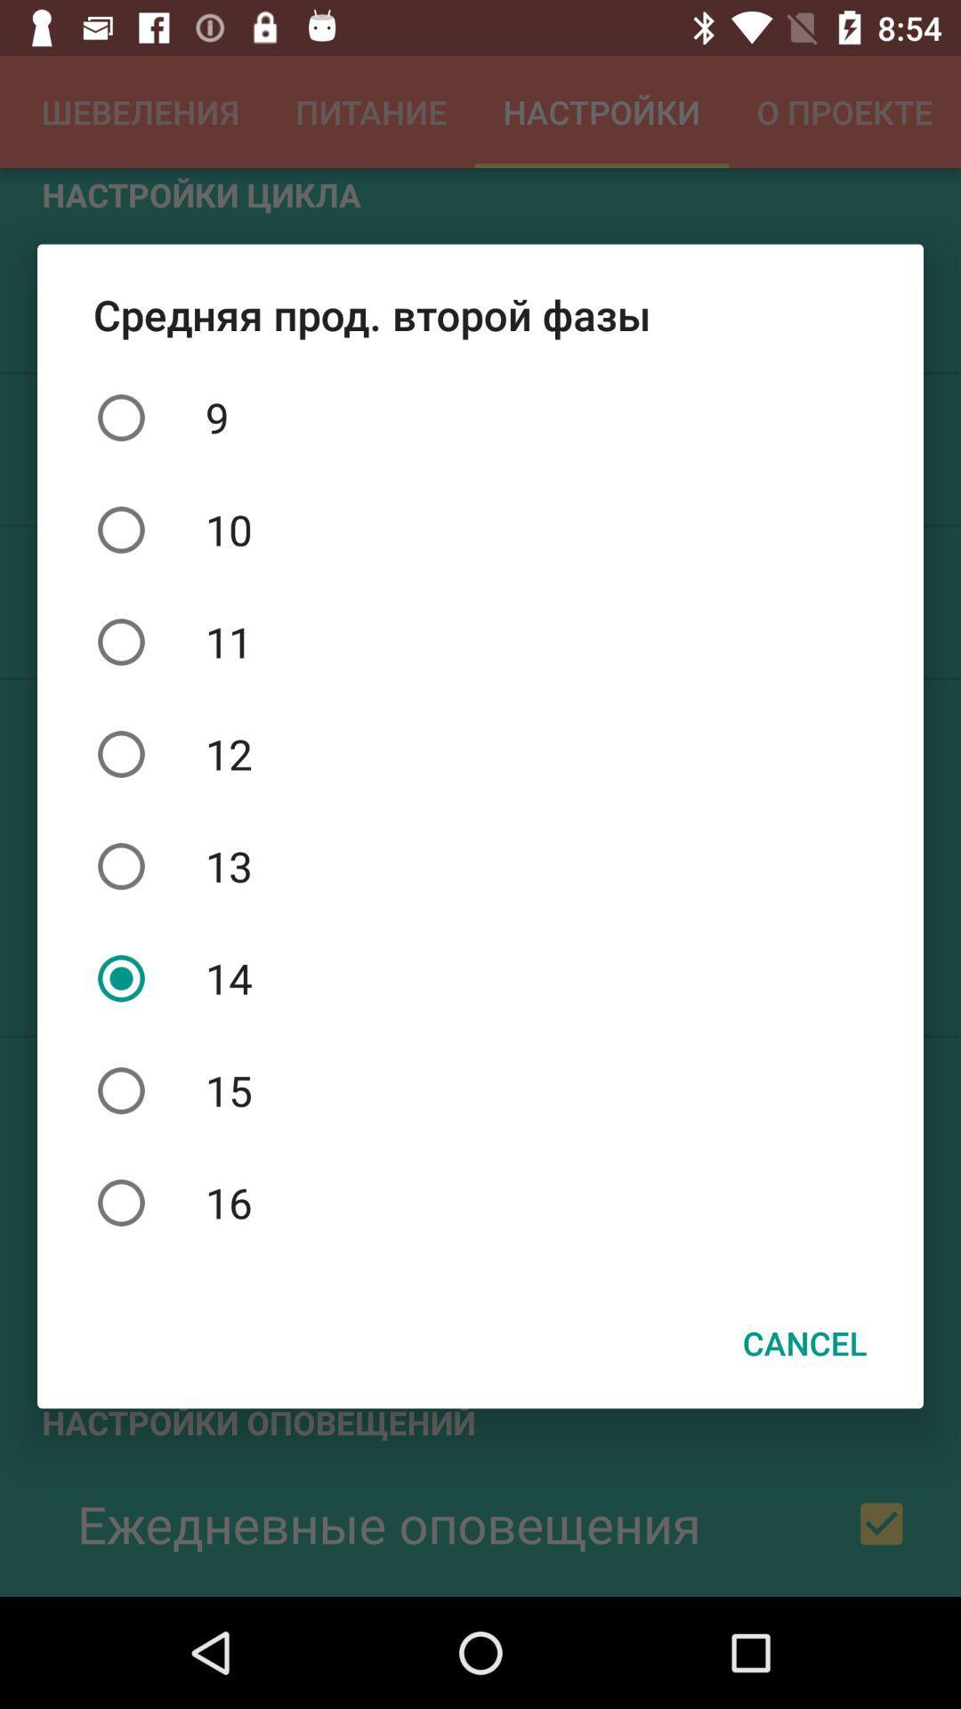  Describe the element at coordinates (480, 754) in the screenshot. I see `the 12 item` at that location.